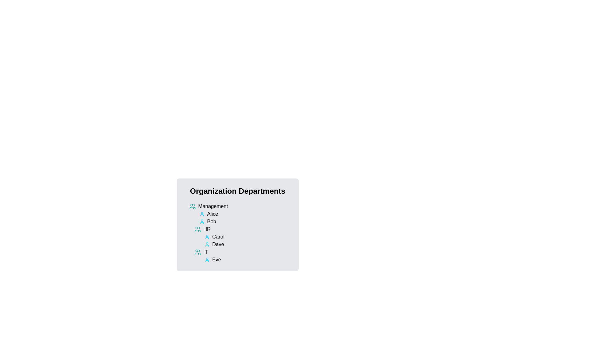 This screenshot has height=343, width=610. Describe the element at coordinates (197, 229) in the screenshot. I see `the teal-colored icon representing a group of people located to the left of the 'HR' label in the 'Organization Departments' list` at that location.